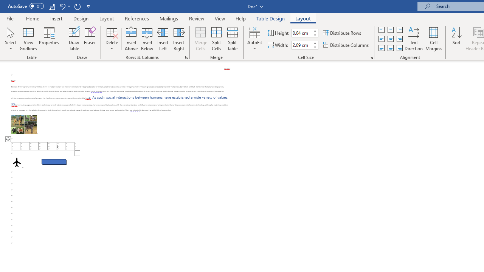 The image size is (484, 272). I want to click on 'Distribute Columns', so click(346, 45).